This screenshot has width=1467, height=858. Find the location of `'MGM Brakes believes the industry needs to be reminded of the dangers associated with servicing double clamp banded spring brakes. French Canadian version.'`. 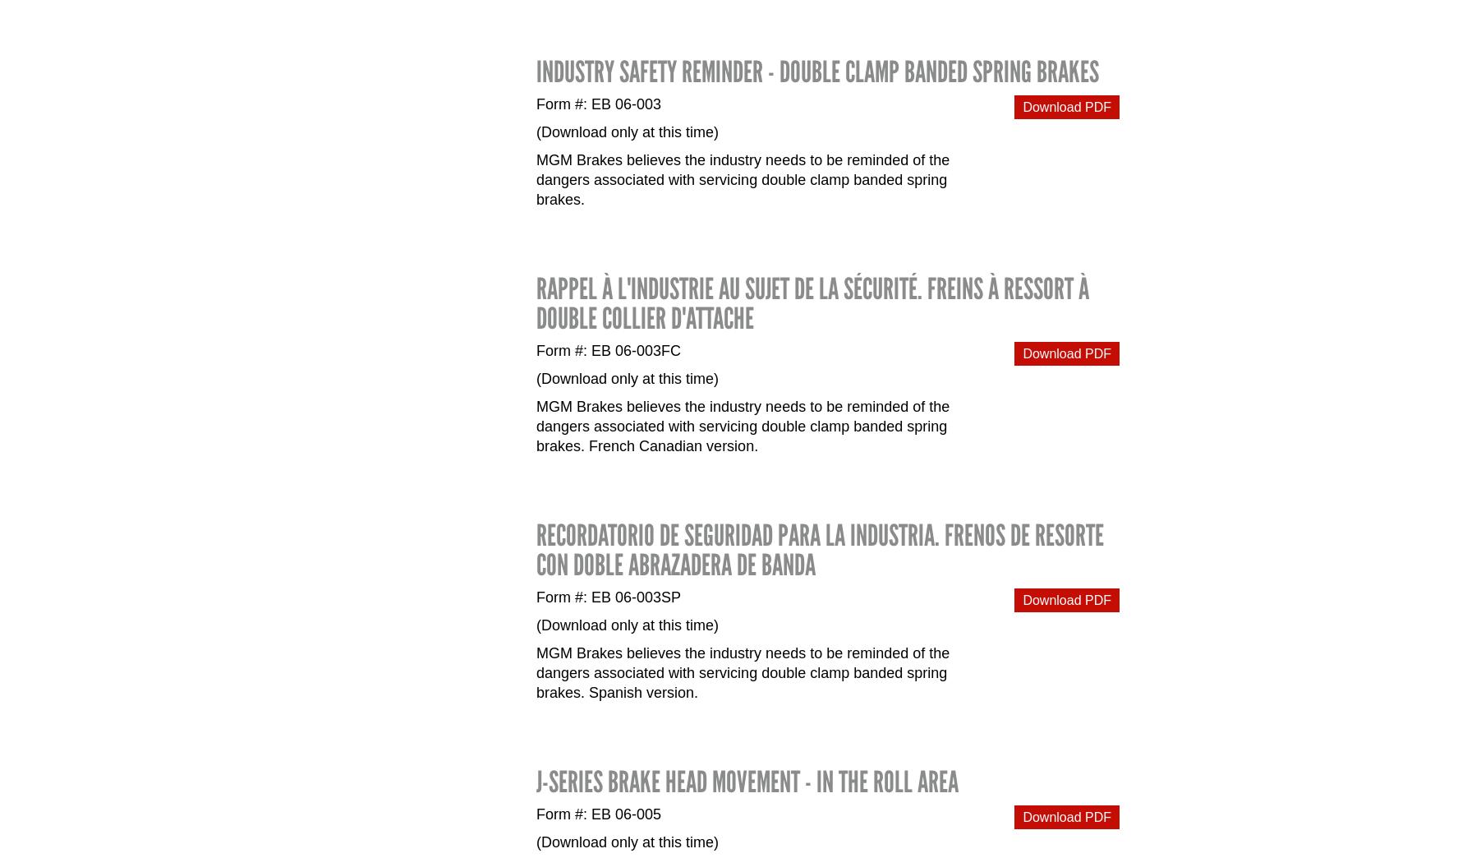

'MGM Brakes believes the industry needs to be reminded of the dangers associated with servicing double clamp banded spring brakes. French Canadian version.' is located at coordinates (743, 426).